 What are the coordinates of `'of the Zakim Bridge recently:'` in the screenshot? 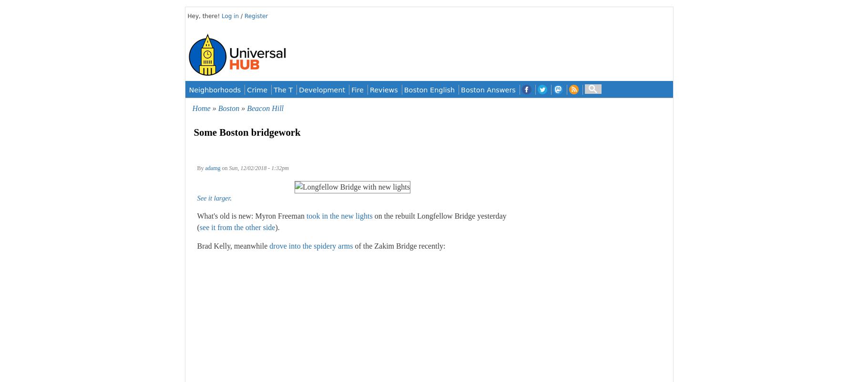 It's located at (399, 246).